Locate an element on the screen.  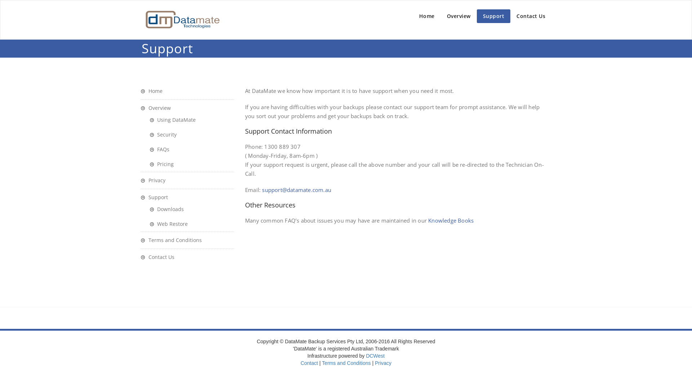
'Web Restore' is located at coordinates (168, 223).